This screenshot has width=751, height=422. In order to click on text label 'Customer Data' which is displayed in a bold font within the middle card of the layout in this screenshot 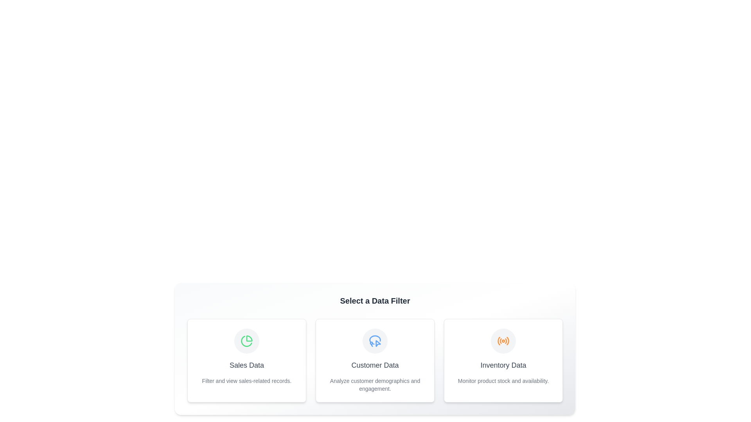, I will do `click(375, 365)`.